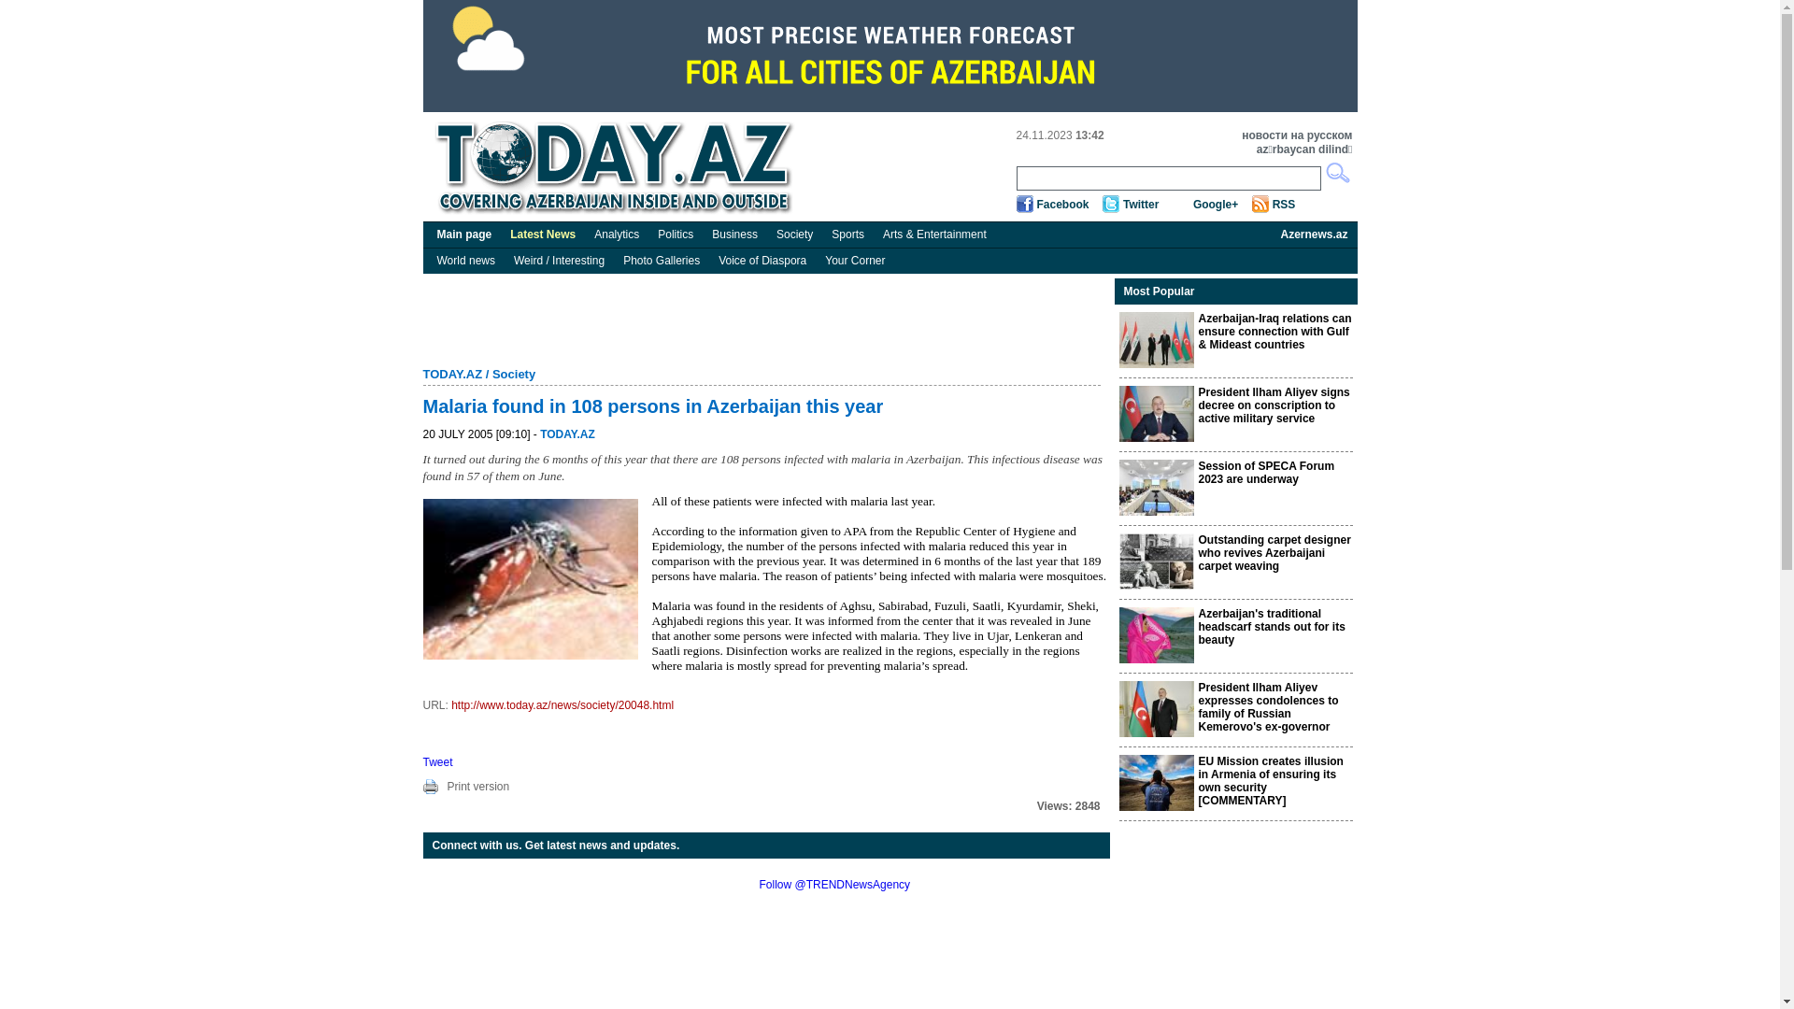 The width and height of the screenshot is (1794, 1009). Describe the element at coordinates (794, 233) in the screenshot. I see `'Society'` at that location.